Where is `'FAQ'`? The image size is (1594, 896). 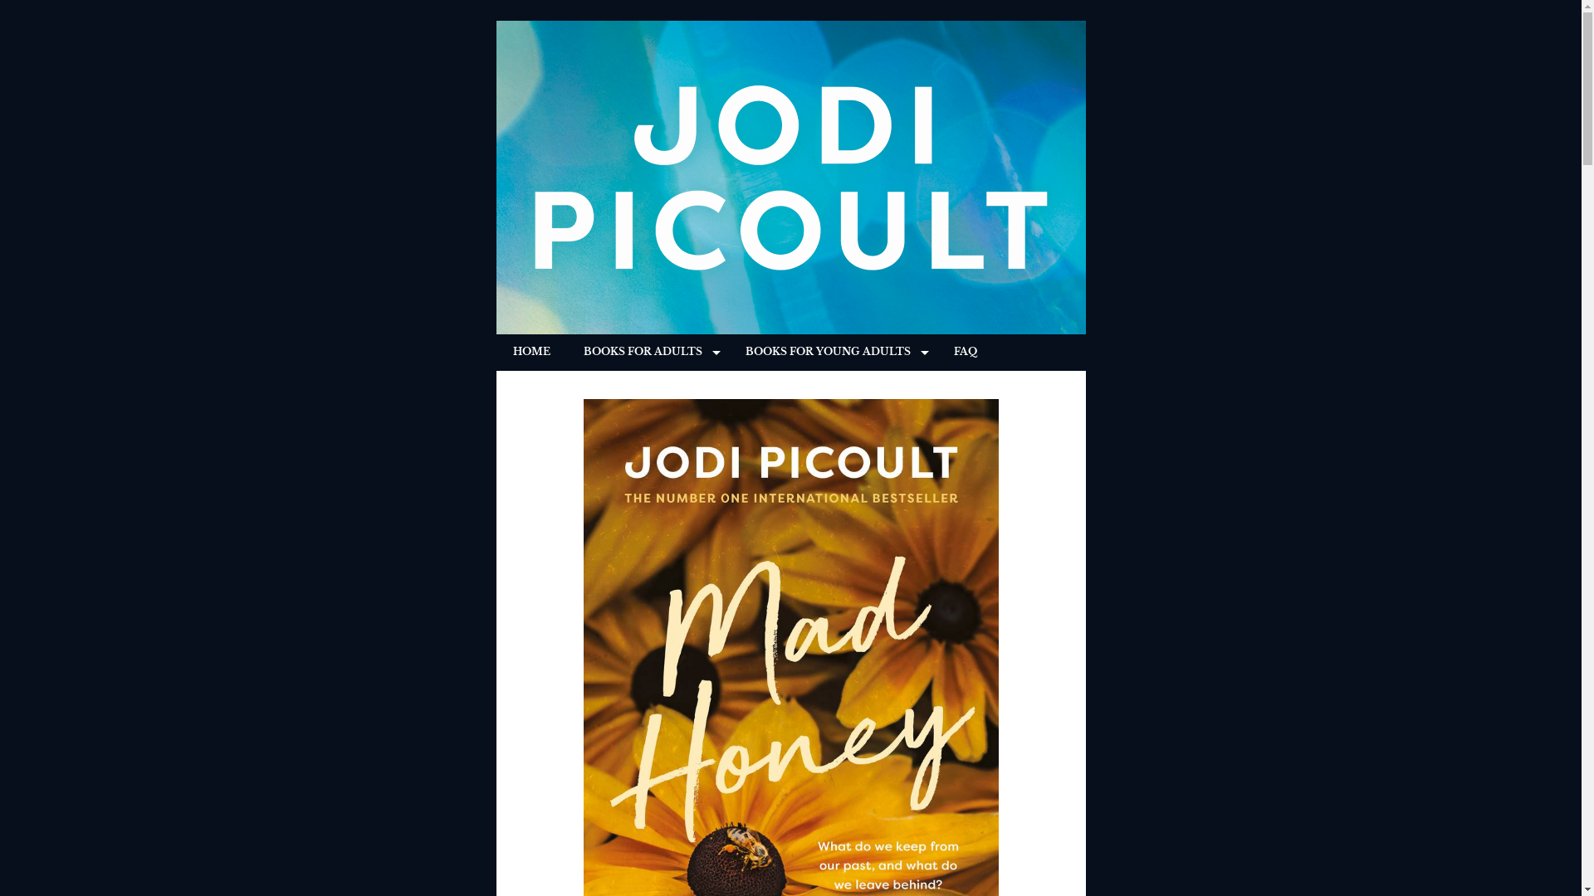
'FAQ' is located at coordinates (964, 351).